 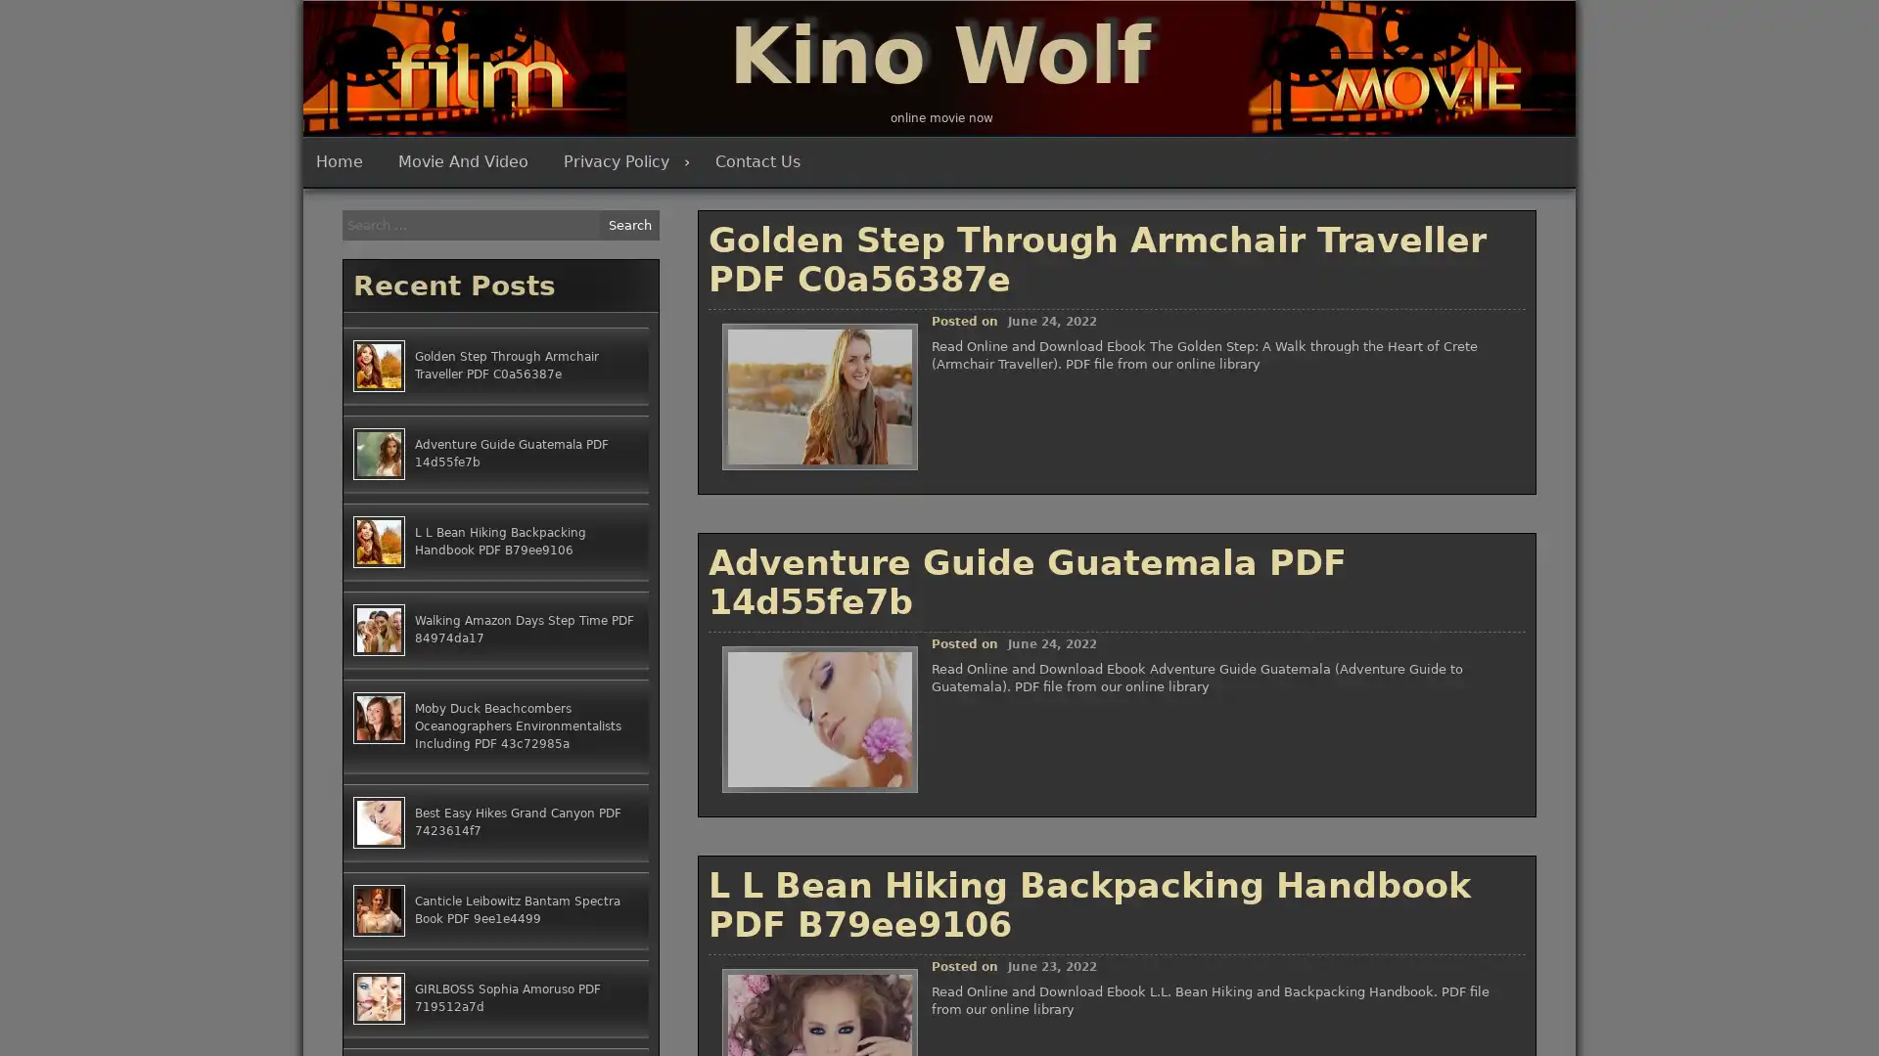 What do you see at coordinates (629, 224) in the screenshot?
I see `Search` at bounding box center [629, 224].